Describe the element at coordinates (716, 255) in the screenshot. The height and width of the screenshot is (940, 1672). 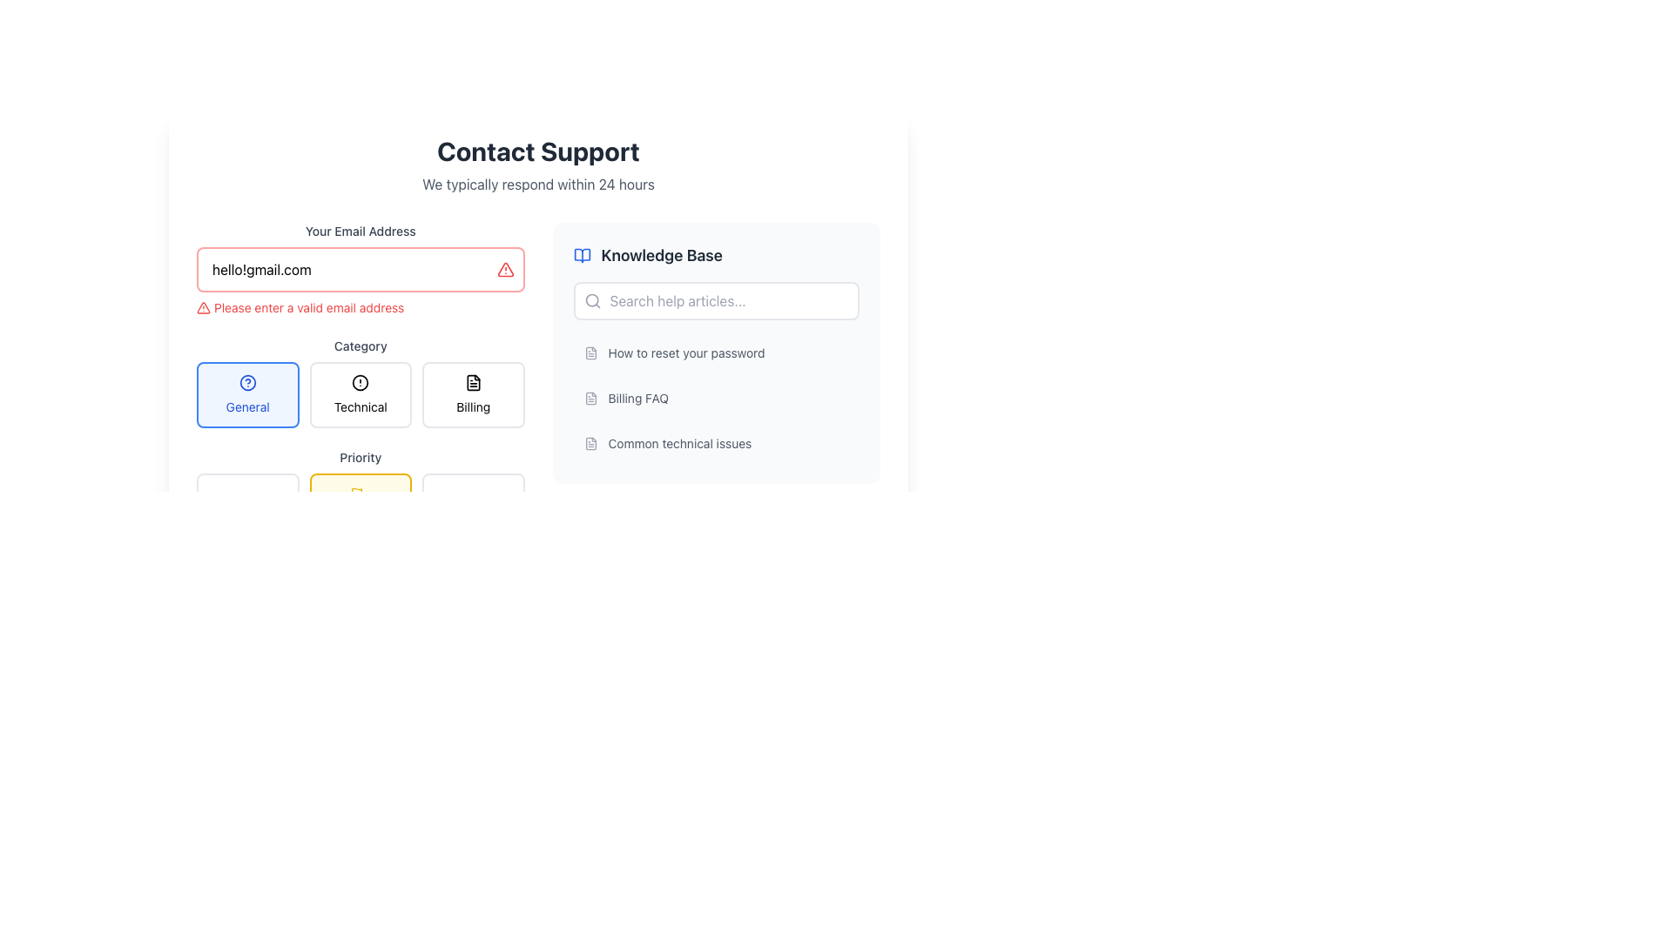
I see `the horizontal layout element containing a small blue icon resembling an open book and bold text labeled 'Knowledge Base', located in the right panel above the search bar` at that location.